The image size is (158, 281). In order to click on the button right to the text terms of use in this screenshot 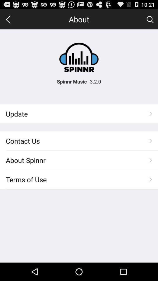, I will do `click(151, 179)`.